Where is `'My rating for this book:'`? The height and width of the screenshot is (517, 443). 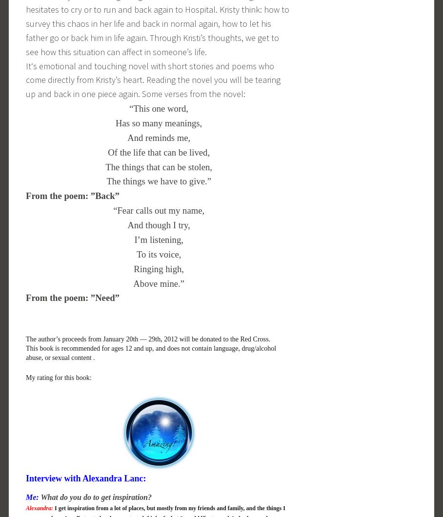
'My rating for this book:' is located at coordinates (59, 377).